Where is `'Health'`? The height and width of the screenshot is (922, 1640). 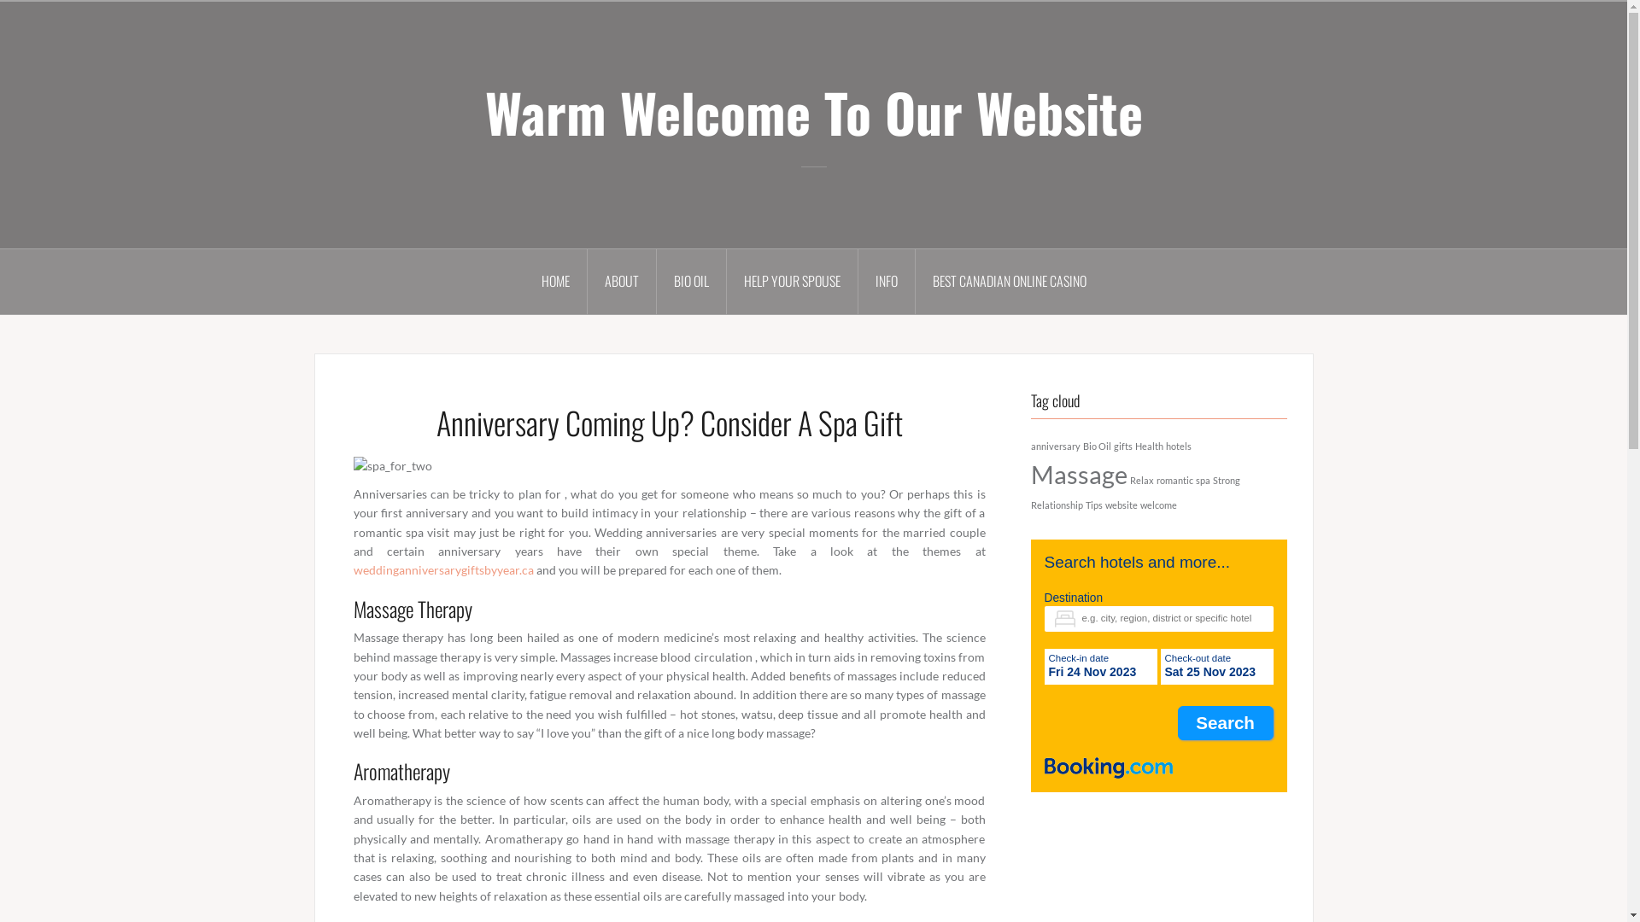 'Health' is located at coordinates (1148, 445).